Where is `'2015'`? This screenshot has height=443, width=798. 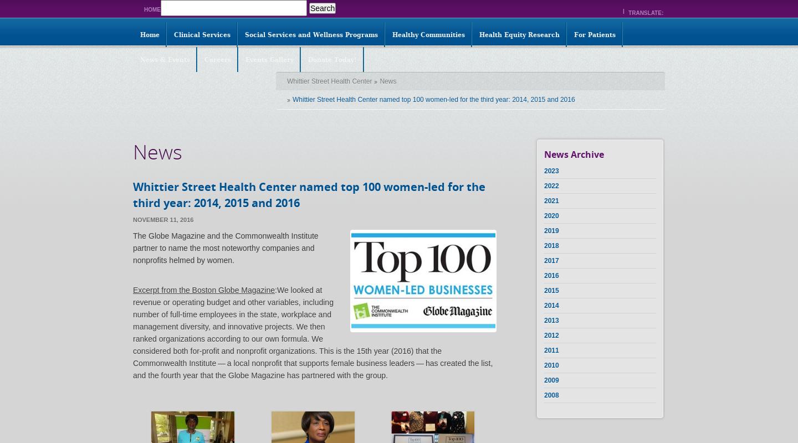
'2015' is located at coordinates (551, 290).